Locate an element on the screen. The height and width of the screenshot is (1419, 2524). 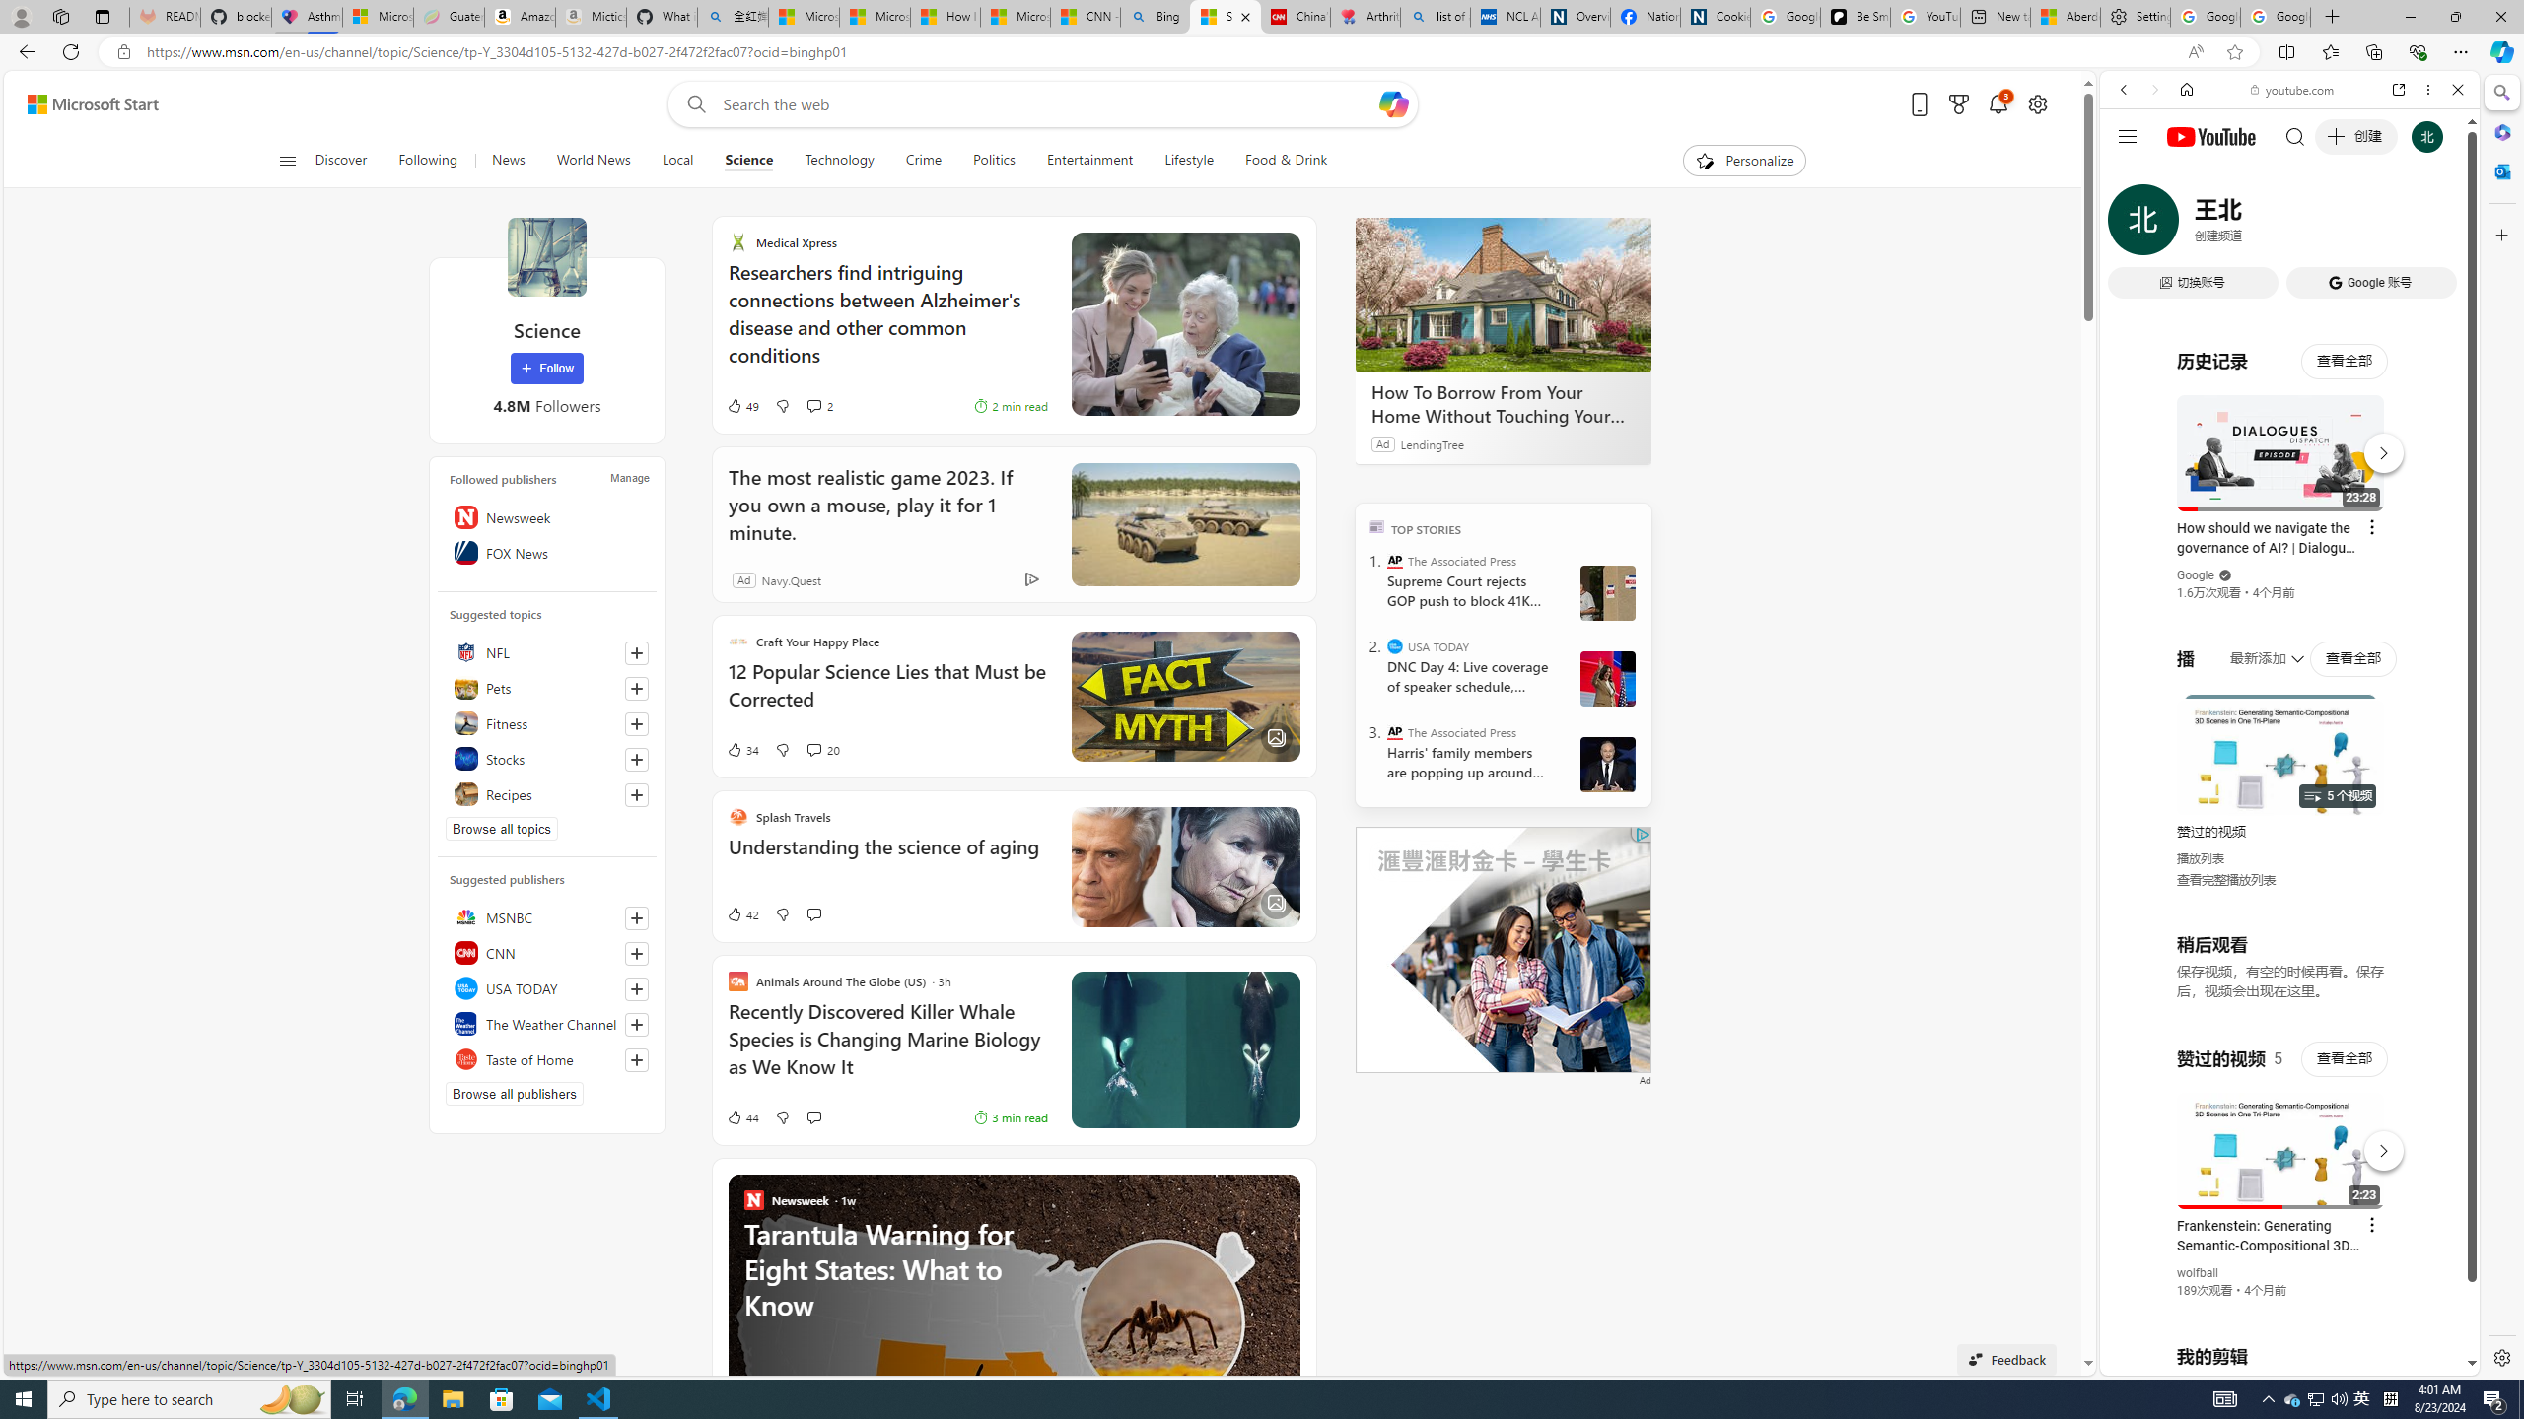
'Cookies' is located at coordinates (1714, 16).